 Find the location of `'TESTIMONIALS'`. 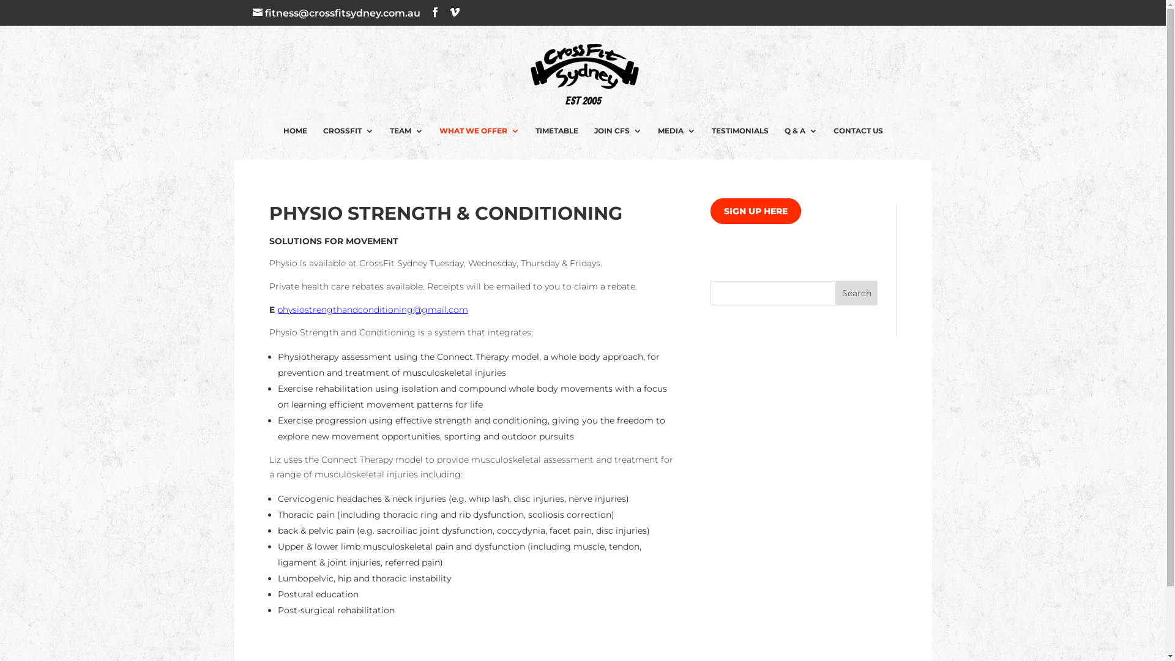

'TESTIMONIALS' is located at coordinates (739, 134).